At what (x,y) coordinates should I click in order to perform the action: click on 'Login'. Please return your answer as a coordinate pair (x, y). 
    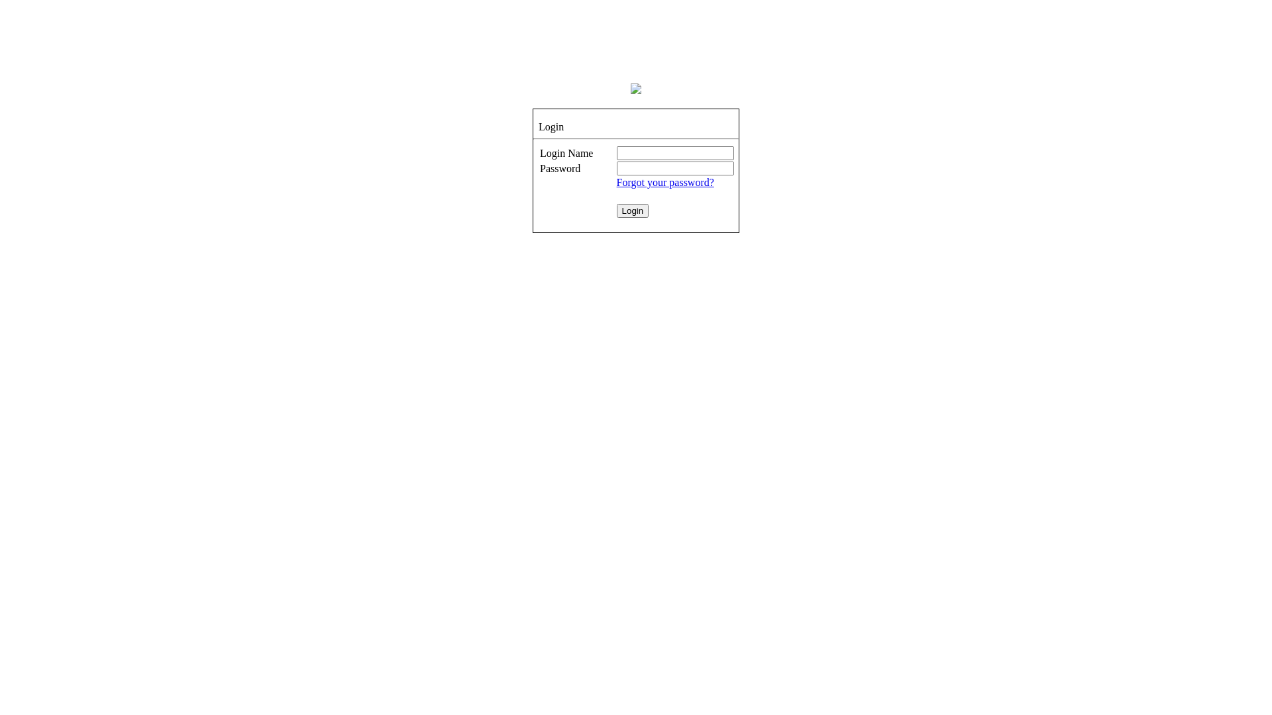
    Looking at the image, I should click on (616, 210).